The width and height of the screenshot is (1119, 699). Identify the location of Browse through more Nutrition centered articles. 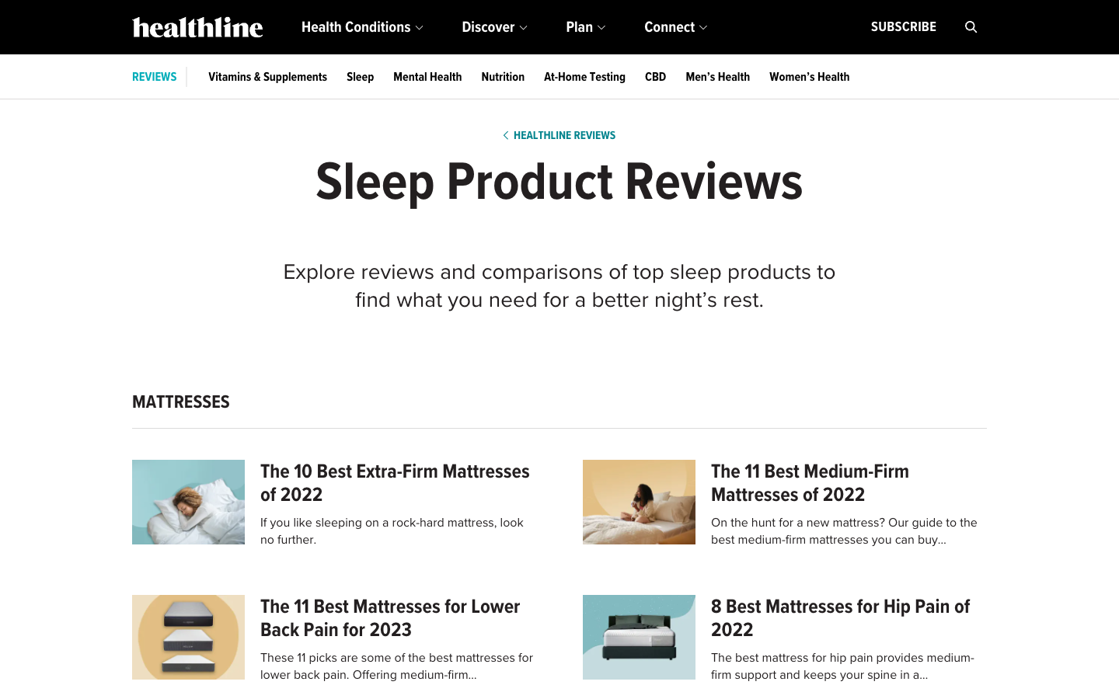
(502, 76).